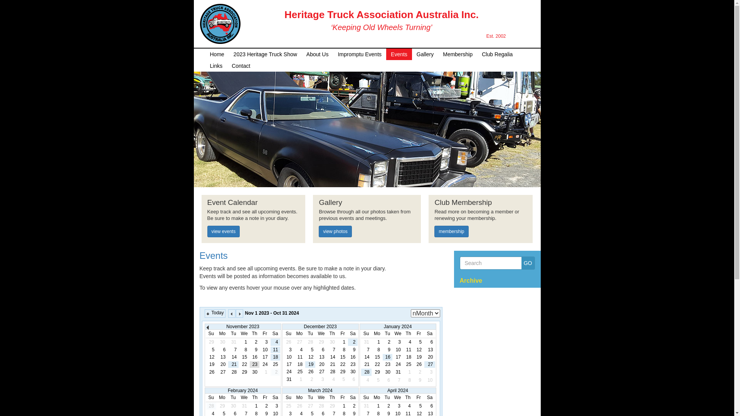 The image size is (740, 416). Describe the element at coordinates (233, 350) in the screenshot. I see `'7'` at that location.